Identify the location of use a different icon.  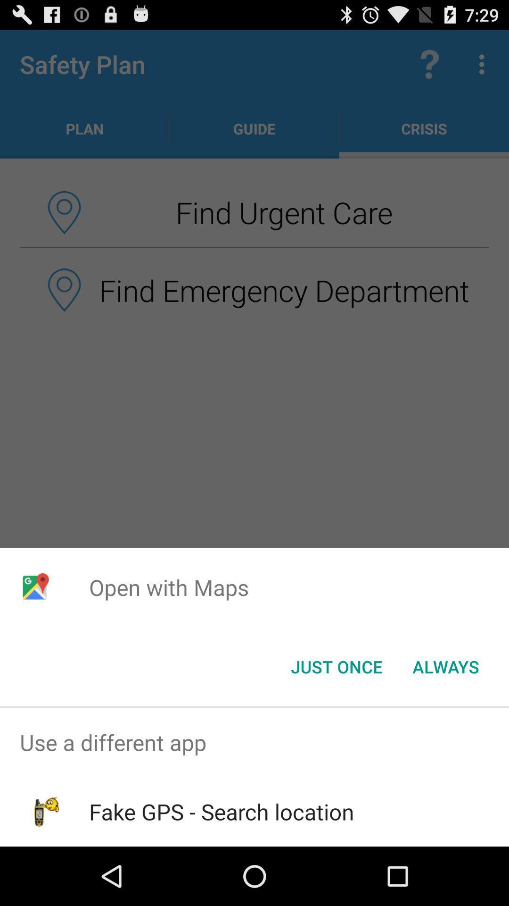
(254, 742).